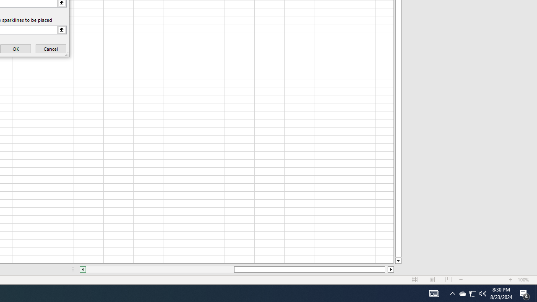 This screenshot has width=537, height=302. I want to click on 'Page Layout', so click(432, 280).